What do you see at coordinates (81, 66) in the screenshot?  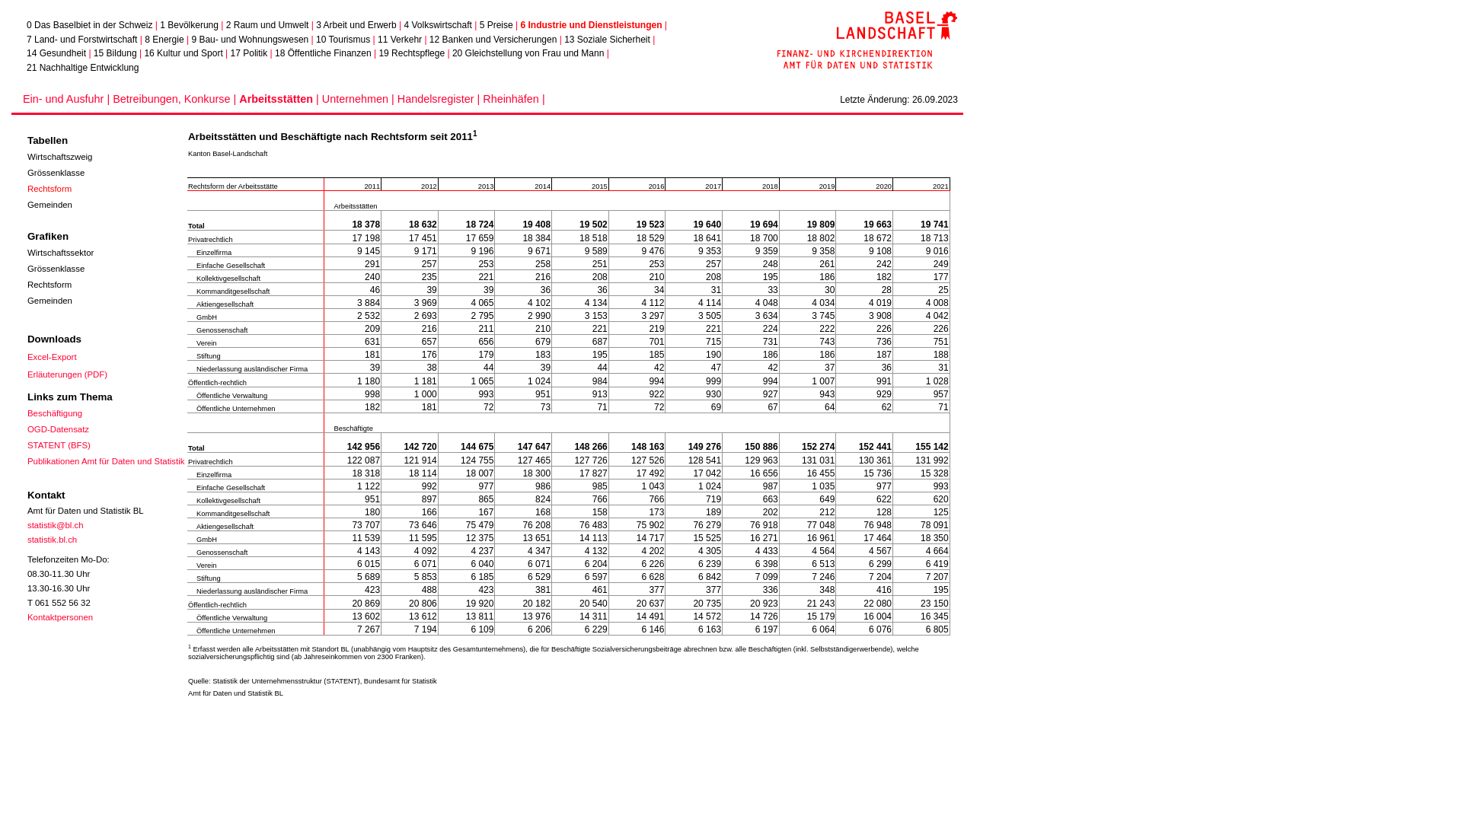 I see `'21 Nachhaltige Entwicklung'` at bounding box center [81, 66].